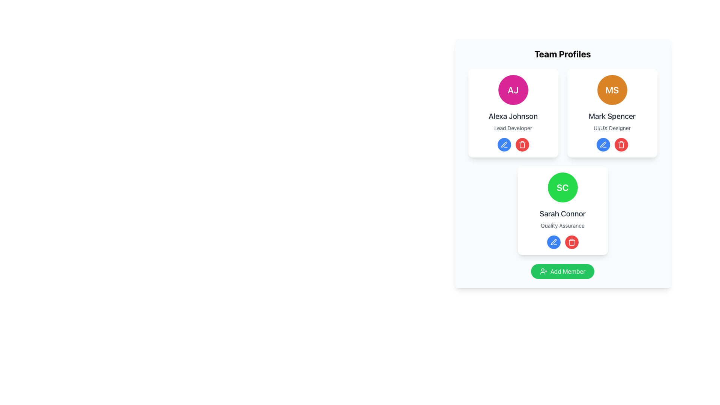 This screenshot has height=405, width=720. I want to click on the delete button for 'Sarah Connor' located at the bottom right of her team profile card, so click(571, 242).